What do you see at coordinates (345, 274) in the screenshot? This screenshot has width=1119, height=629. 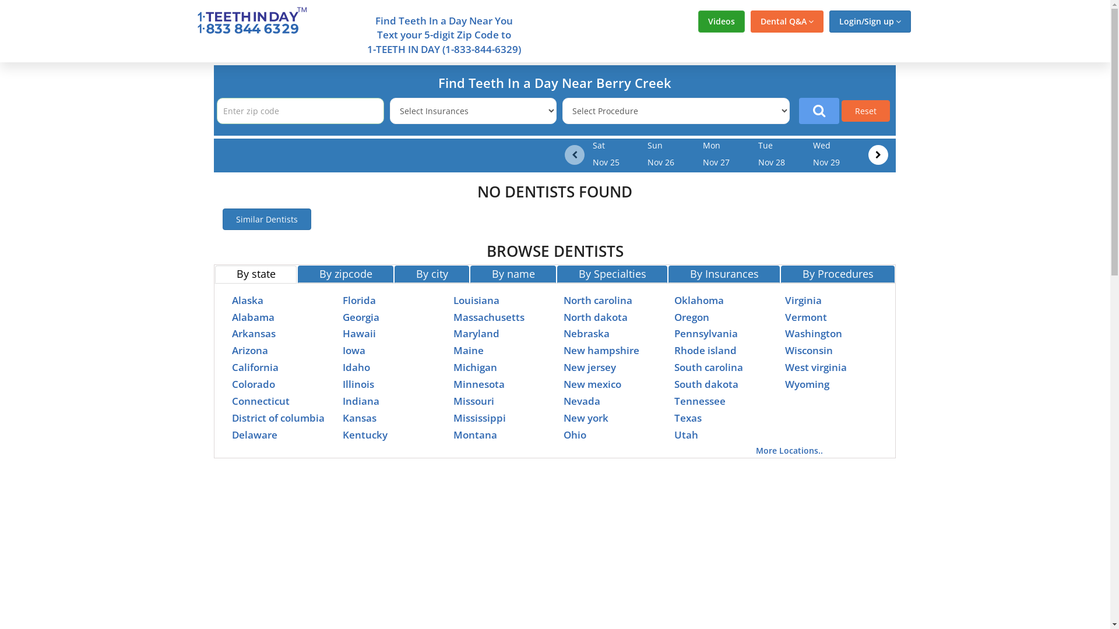 I see `'By zipcode'` at bounding box center [345, 274].